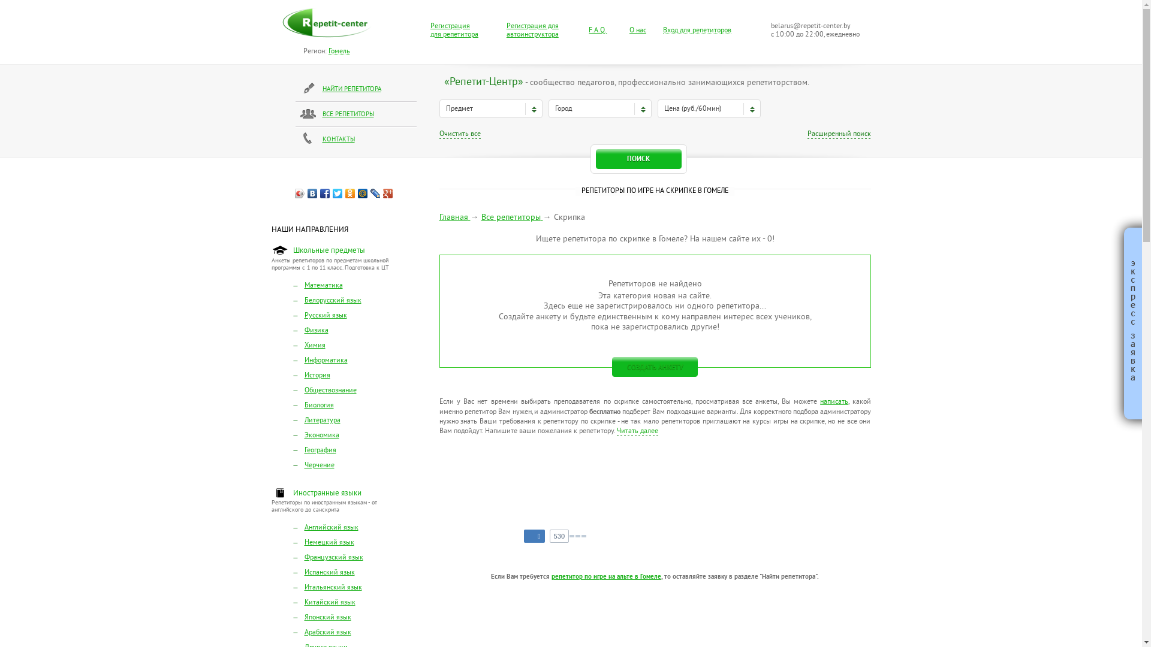 The image size is (1151, 647). I want to click on 'LiveJournal', so click(368, 193).